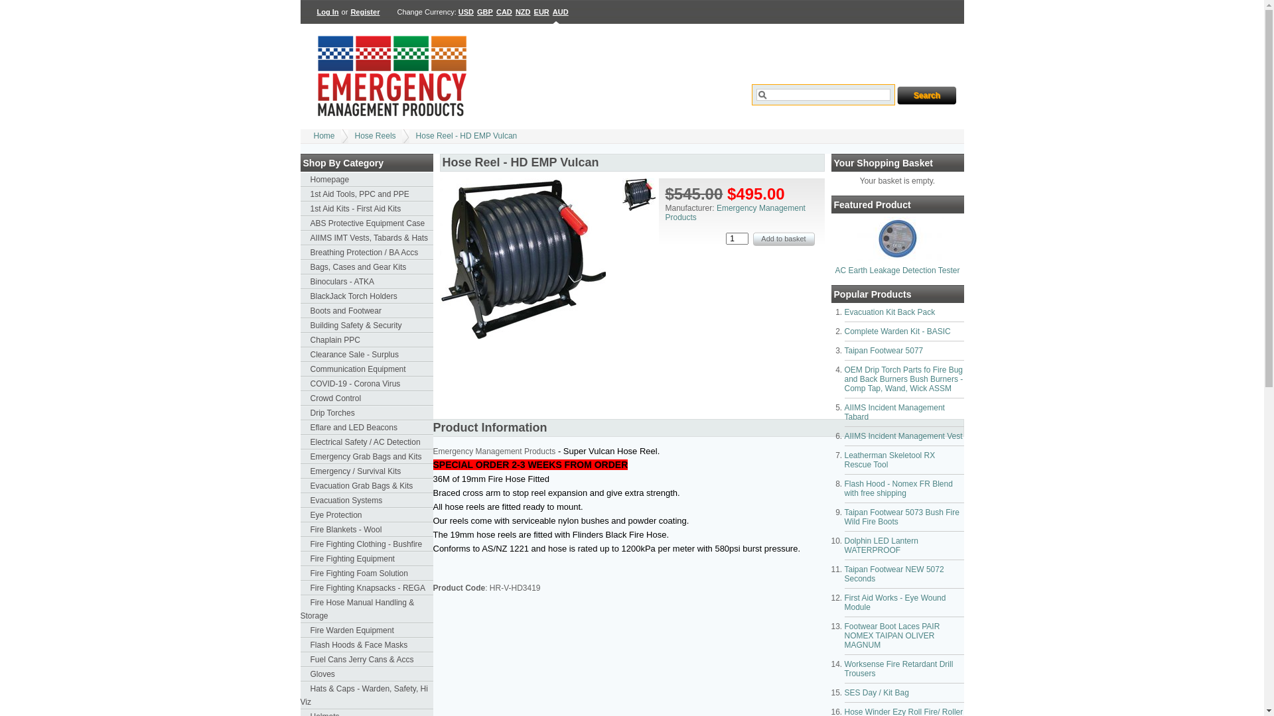 The height and width of the screenshot is (716, 1274). Describe the element at coordinates (299, 660) in the screenshot. I see `'Fuel Cans Jerry Cans & Accs'` at that location.